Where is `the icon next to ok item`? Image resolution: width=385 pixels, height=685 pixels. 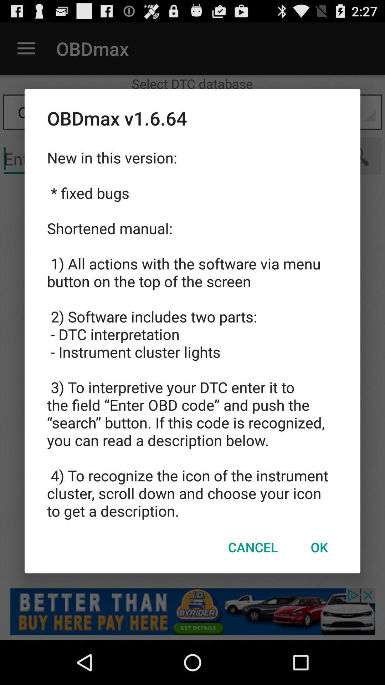 the icon next to ok item is located at coordinates (252, 547).